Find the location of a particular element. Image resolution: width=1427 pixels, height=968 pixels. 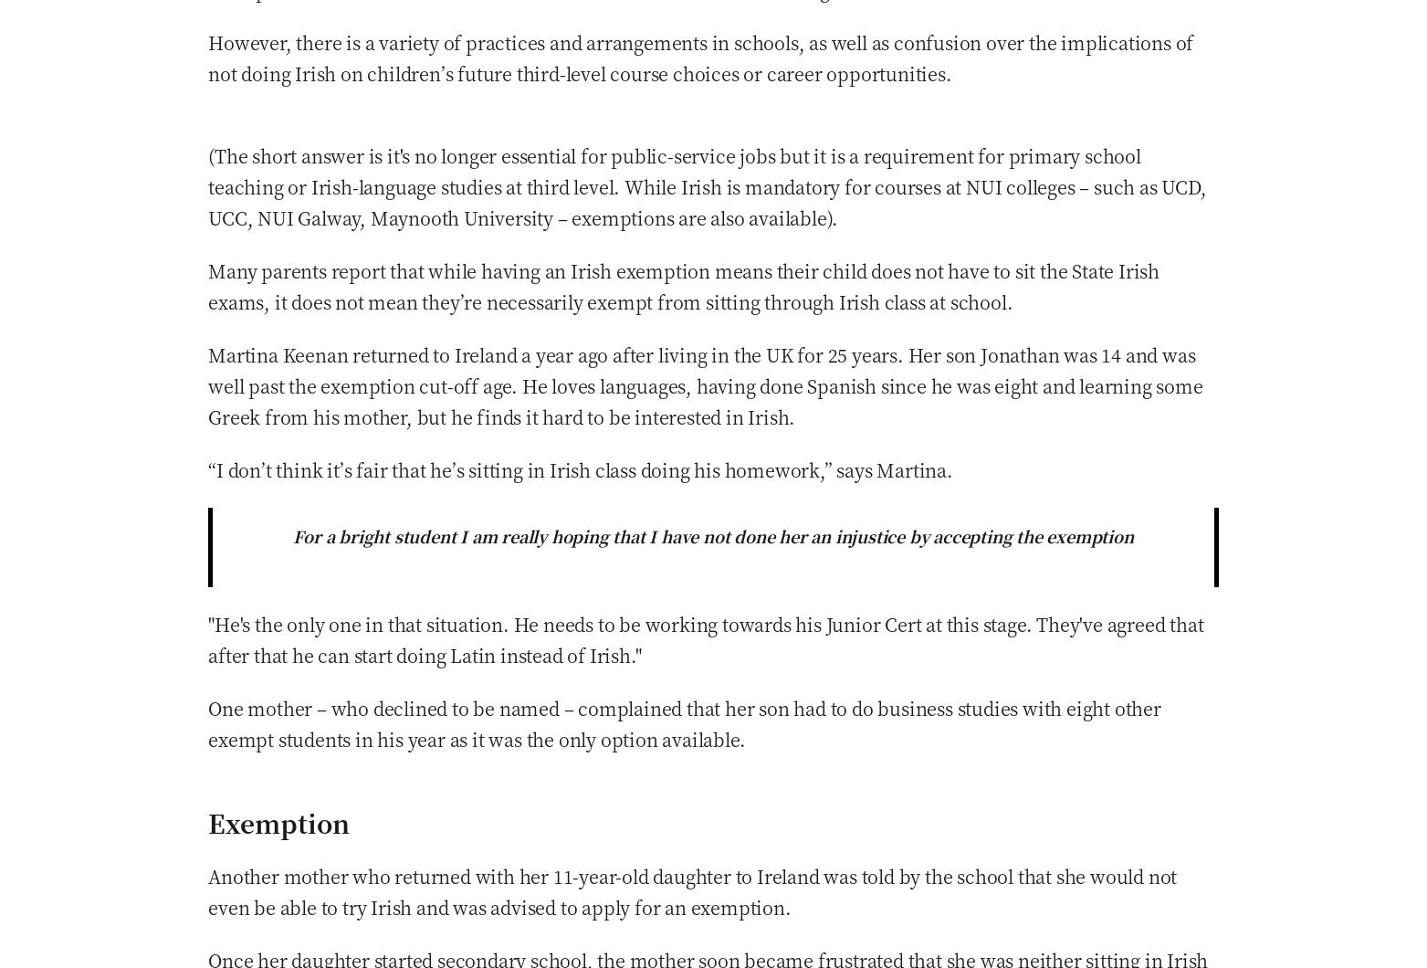

'Another mother who returned with her 11-year-old daughter to Ireland was told by the school that she would not even be able to try Irish and was advised to apply for an exemption.' is located at coordinates (692, 889).